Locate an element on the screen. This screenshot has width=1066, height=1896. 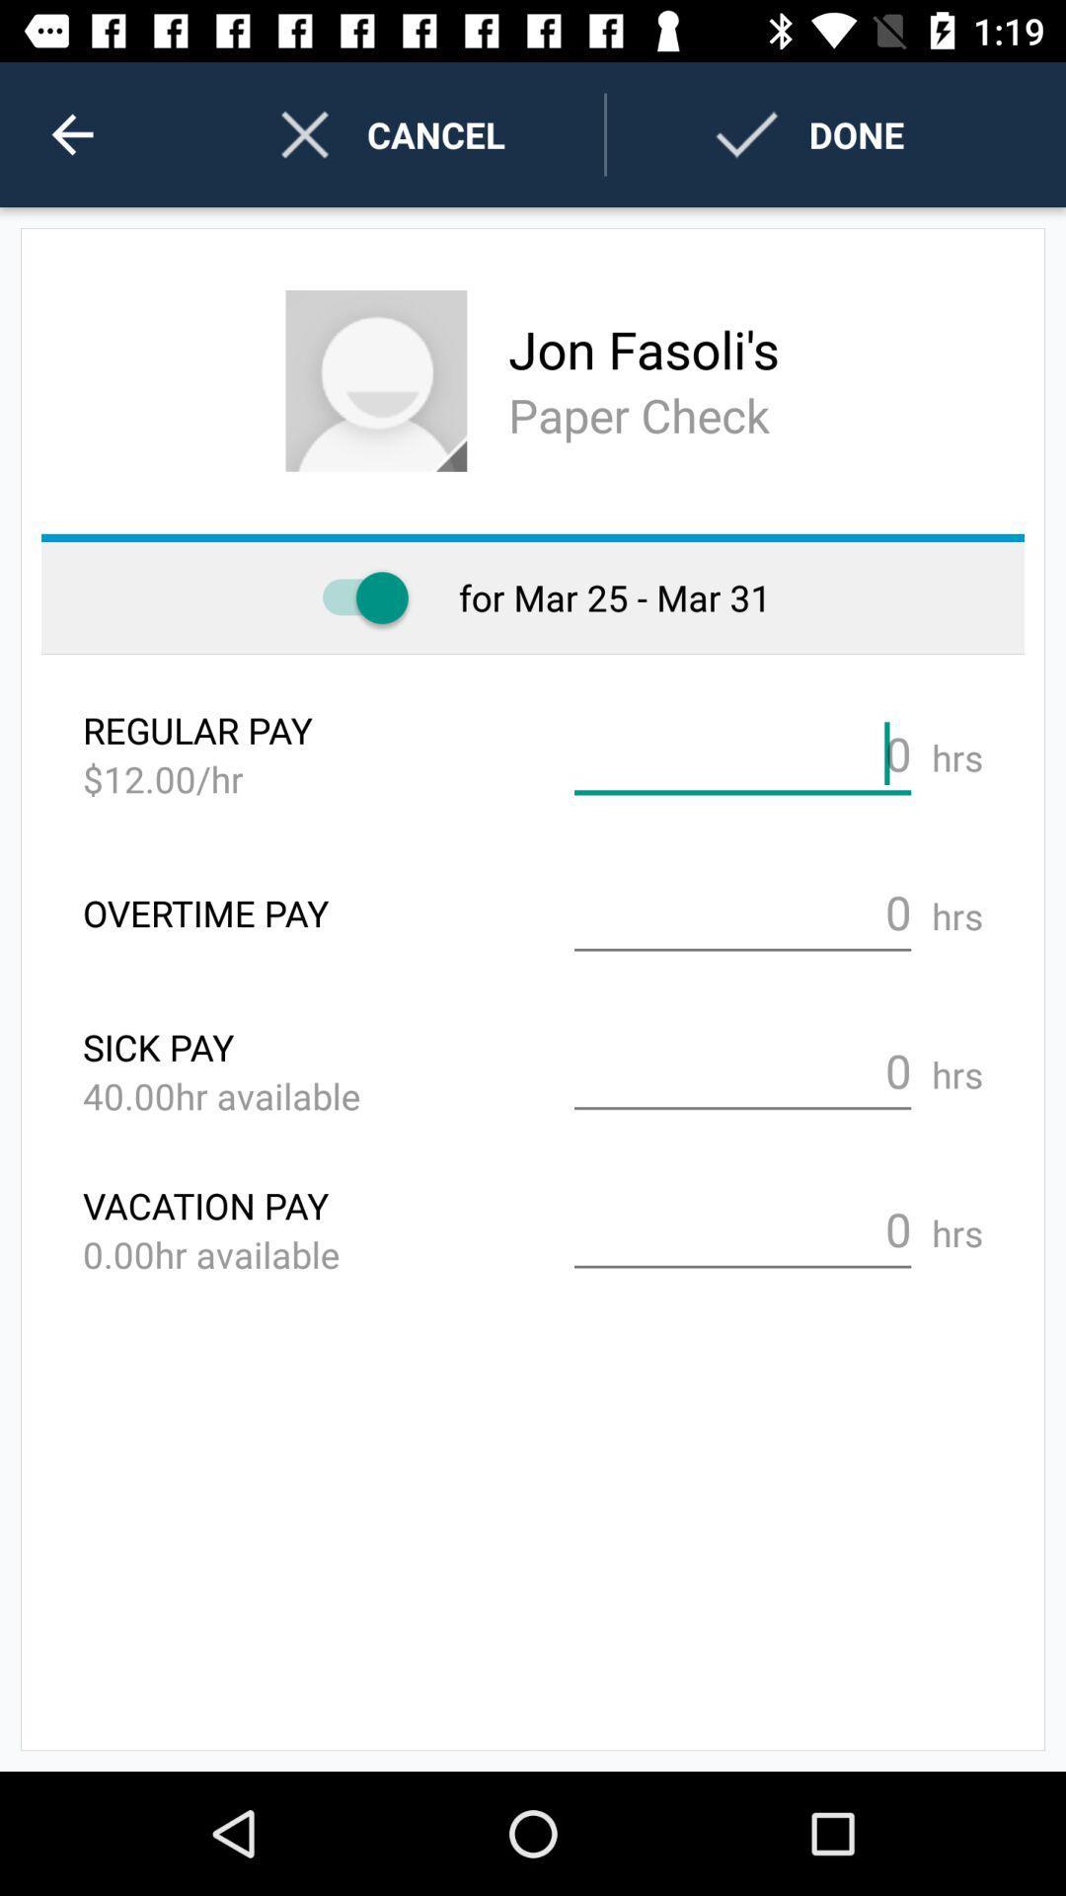
vacation pay is located at coordinates (742, 1228).